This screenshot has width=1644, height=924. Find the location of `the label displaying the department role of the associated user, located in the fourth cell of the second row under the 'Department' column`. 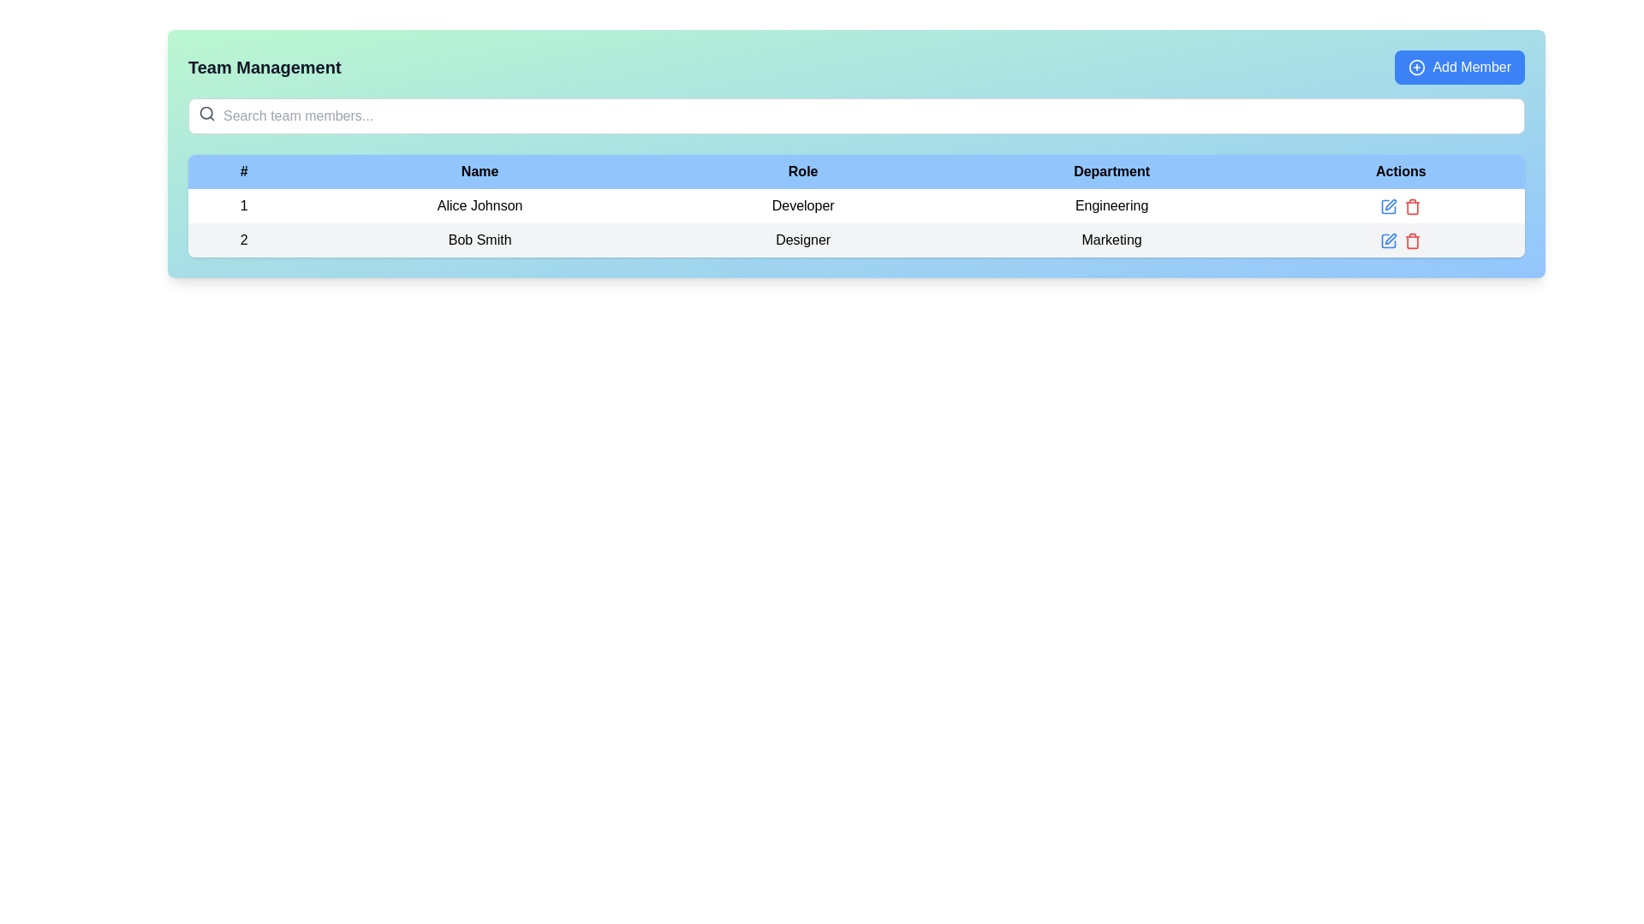

the label displaying the department role of the associated user, located in the fourth cell of the second row under the 'Department' column is located at coordinates (1111, 240).